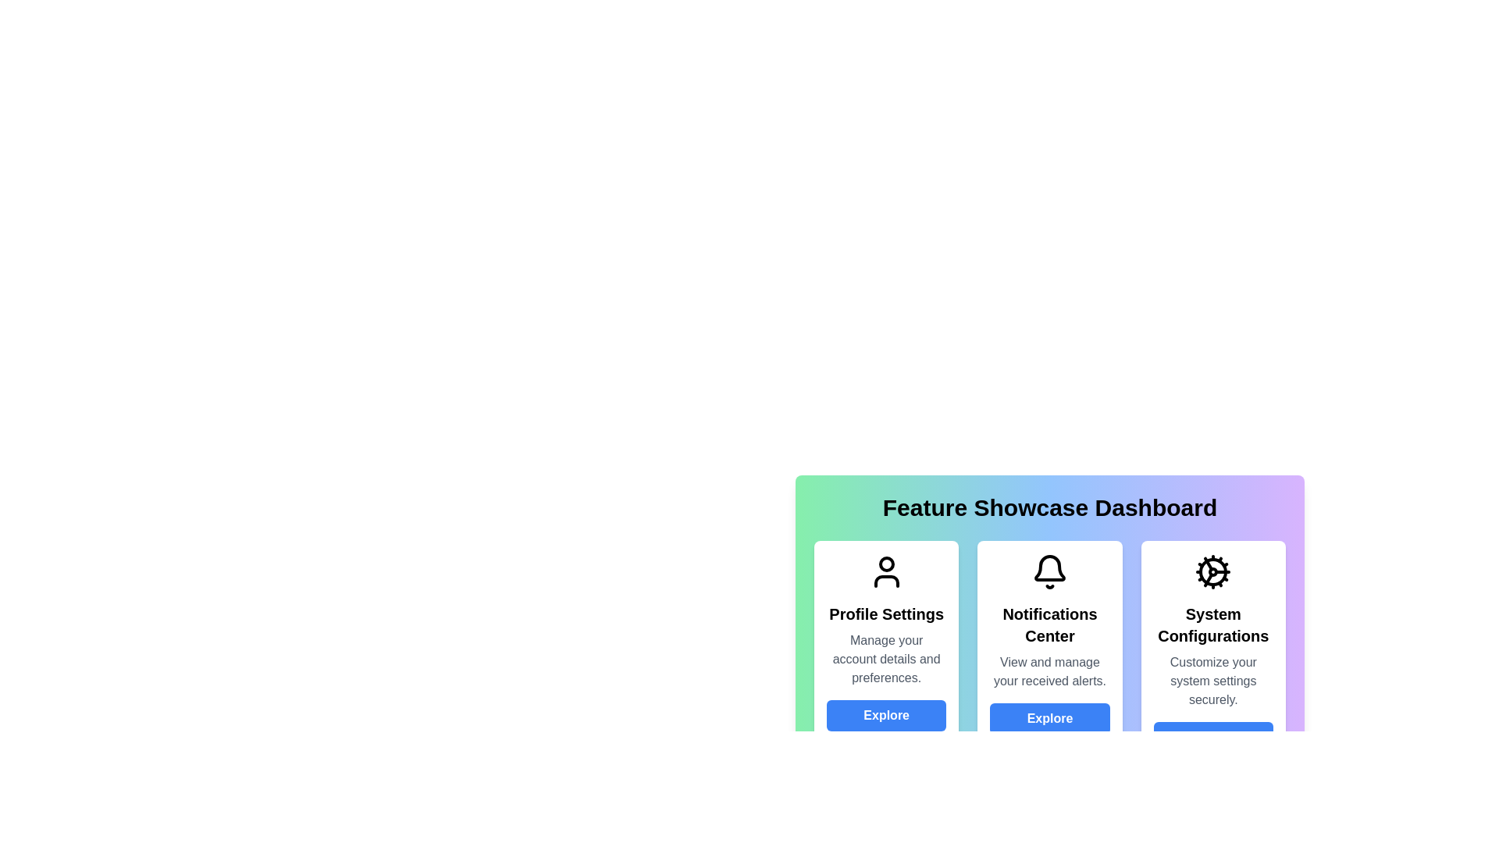 This screenshot has height=843, width=1499. Describe the element at coordinates (1049, 719) in the screenshot. I see `the 'Explore' button with rounded edges, styled in blue with white bold text, located within the 'Notifications Center' card, below the text 'View and manage your received alerts.'` at that location.